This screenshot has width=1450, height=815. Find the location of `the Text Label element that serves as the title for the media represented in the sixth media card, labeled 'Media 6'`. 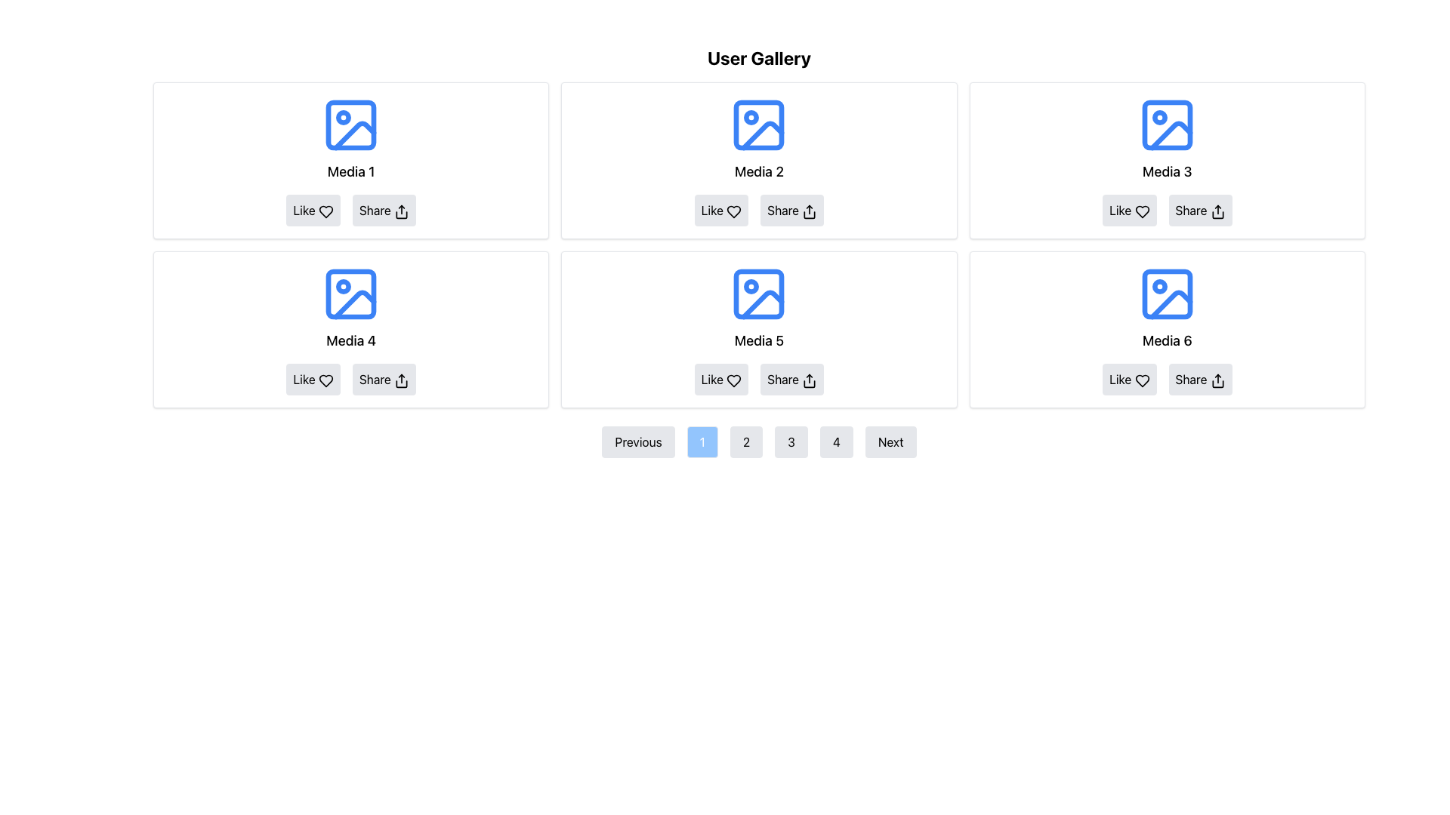

the Text Label element that serves as the title for the media represented in the sixth media card, labeled 'Media 6' is located at coordinates (1166, 340).